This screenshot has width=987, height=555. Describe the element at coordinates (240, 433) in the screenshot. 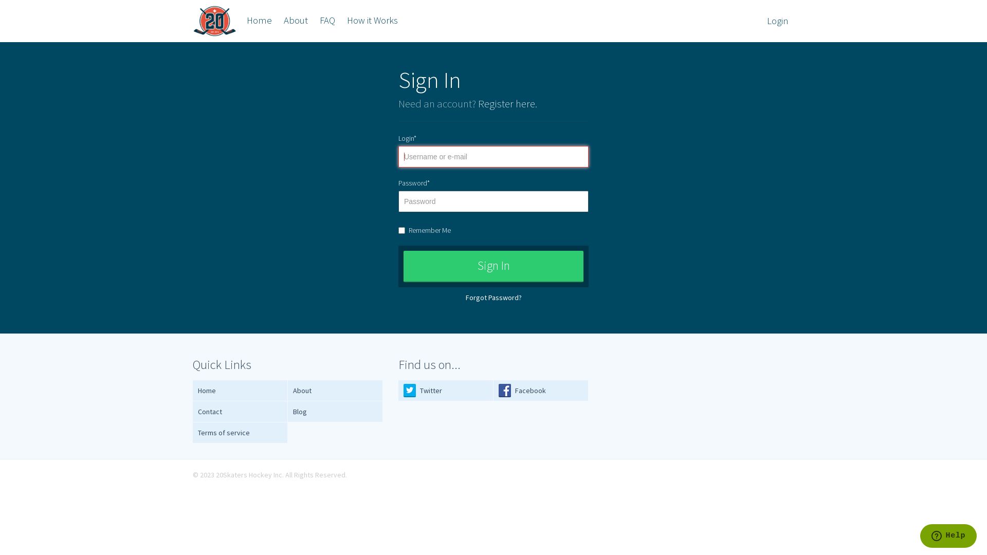

I see `'Terms of service'` at that location.